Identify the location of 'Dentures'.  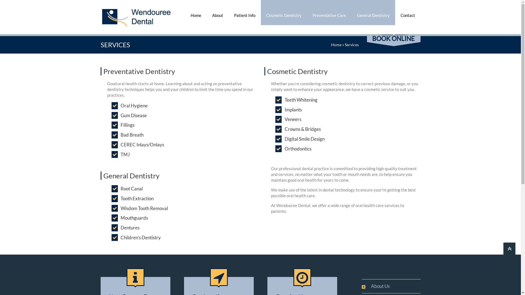
(130, 228).